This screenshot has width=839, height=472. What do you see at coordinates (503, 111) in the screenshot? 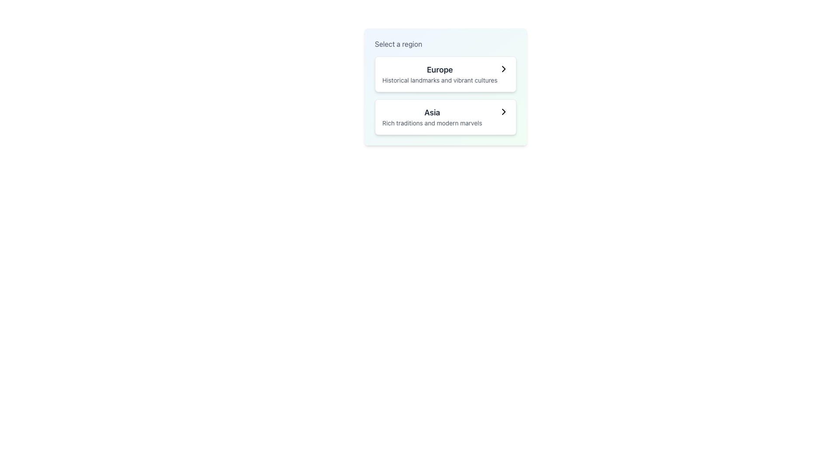
I see `the arrow icon located at the far right end of the 'Asia' selection box` at bounding box center [503, 111].